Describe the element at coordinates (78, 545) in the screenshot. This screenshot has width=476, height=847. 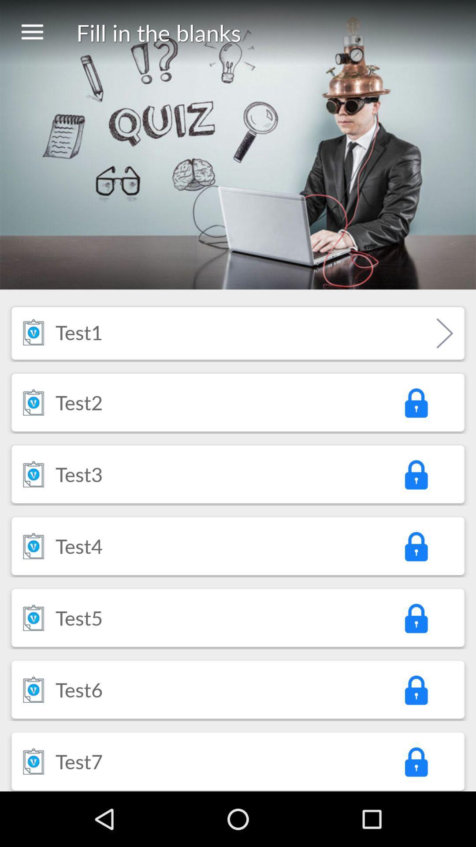
I see `item below test3 icon` at that location.